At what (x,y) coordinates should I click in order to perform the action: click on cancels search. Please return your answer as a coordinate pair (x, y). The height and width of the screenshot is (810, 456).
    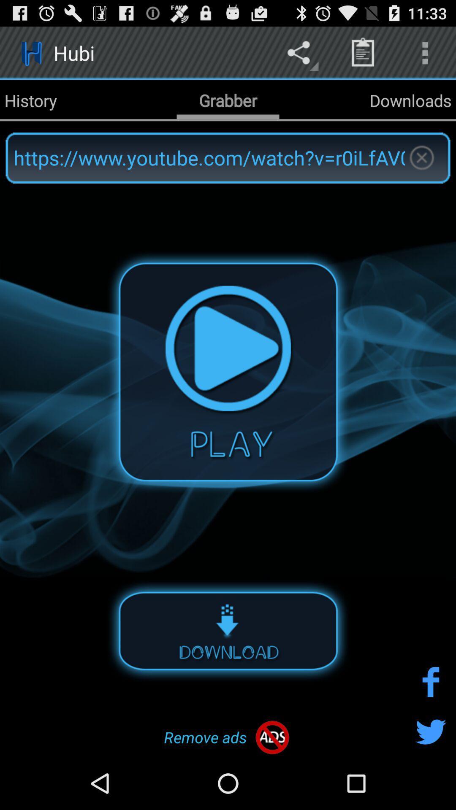
    Looking at the image, I should click on (421, 158).